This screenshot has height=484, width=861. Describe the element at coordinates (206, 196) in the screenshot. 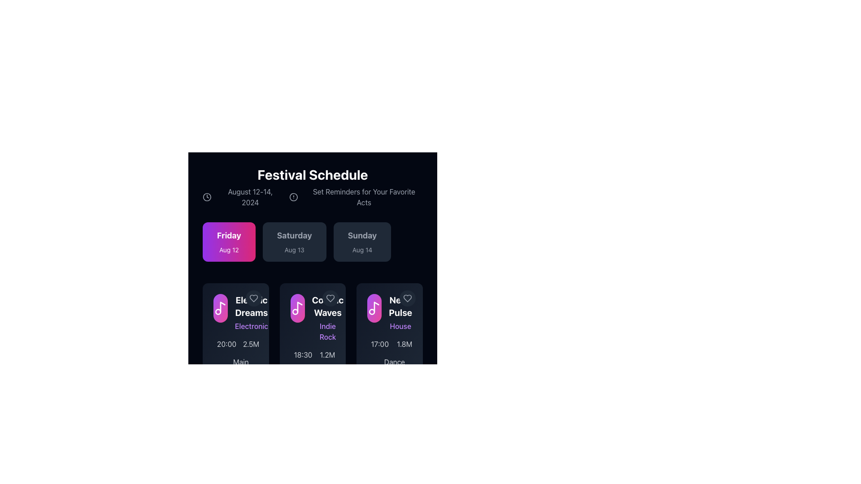

I see `the circular clock icon outlined in light gray located to the left of the text 'August 12-14, 2024'` at that location.